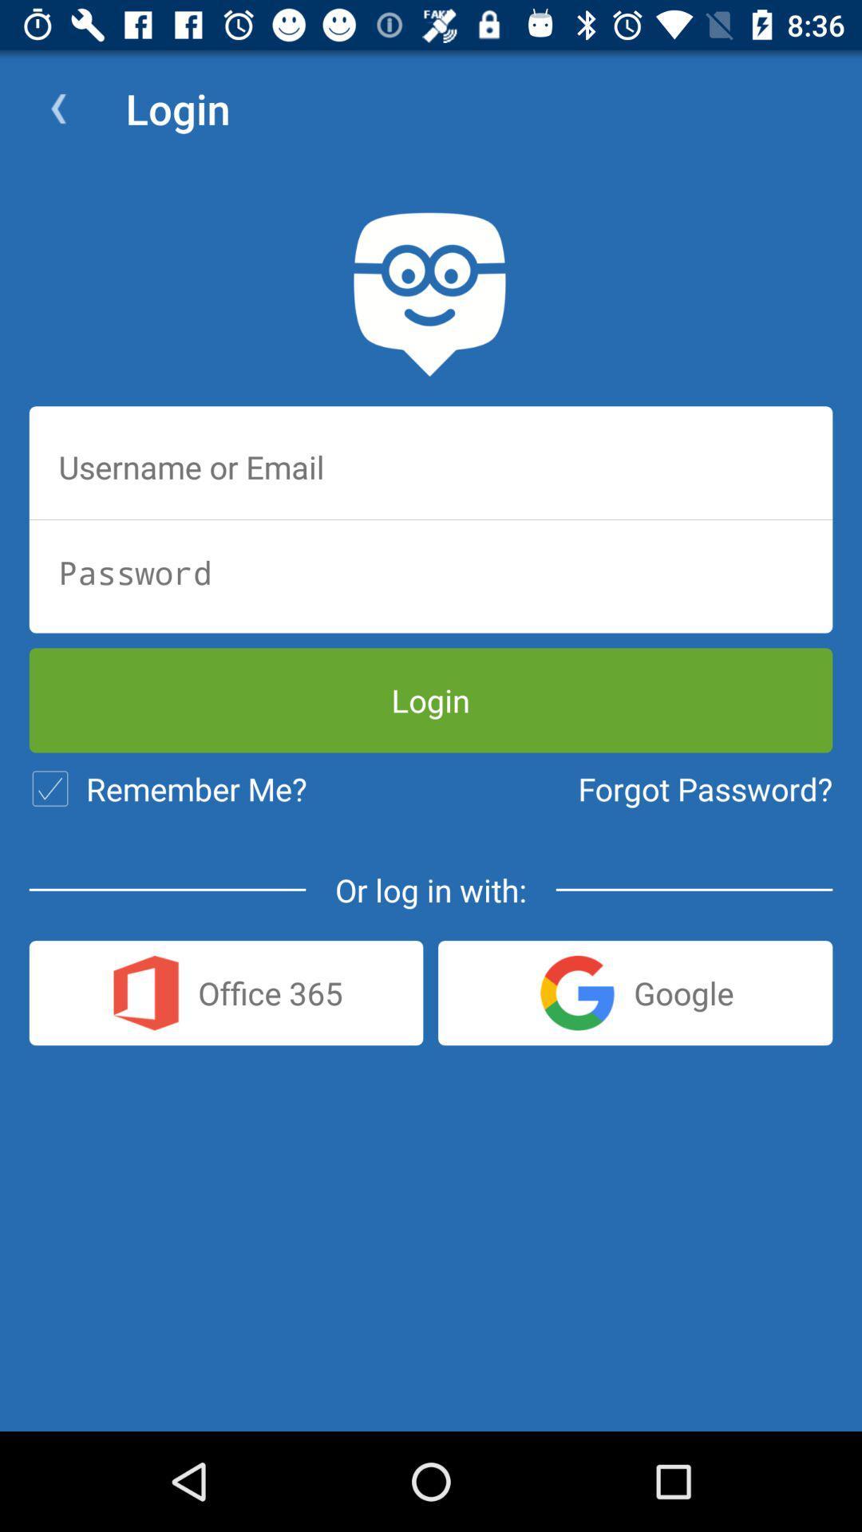 The image size is (862, 1532). I want to click on password, so click(431, 572).